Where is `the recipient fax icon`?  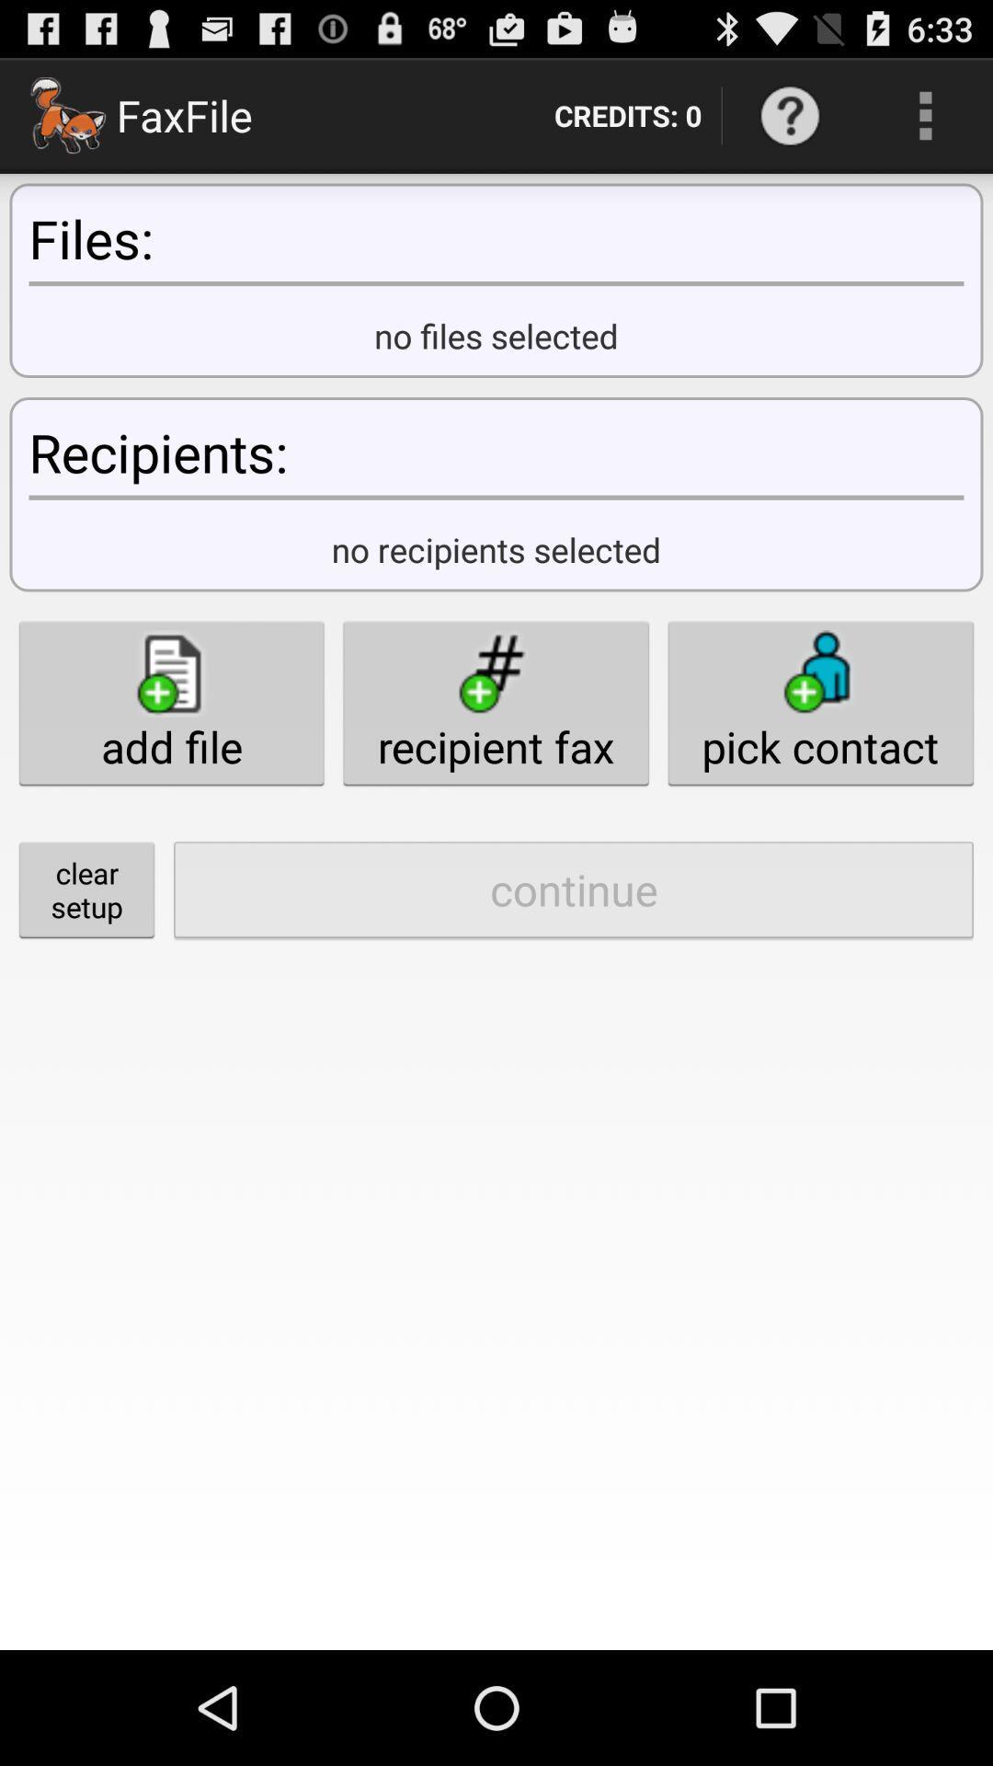
the recipient fax icon is located at coordinates (495, 702).